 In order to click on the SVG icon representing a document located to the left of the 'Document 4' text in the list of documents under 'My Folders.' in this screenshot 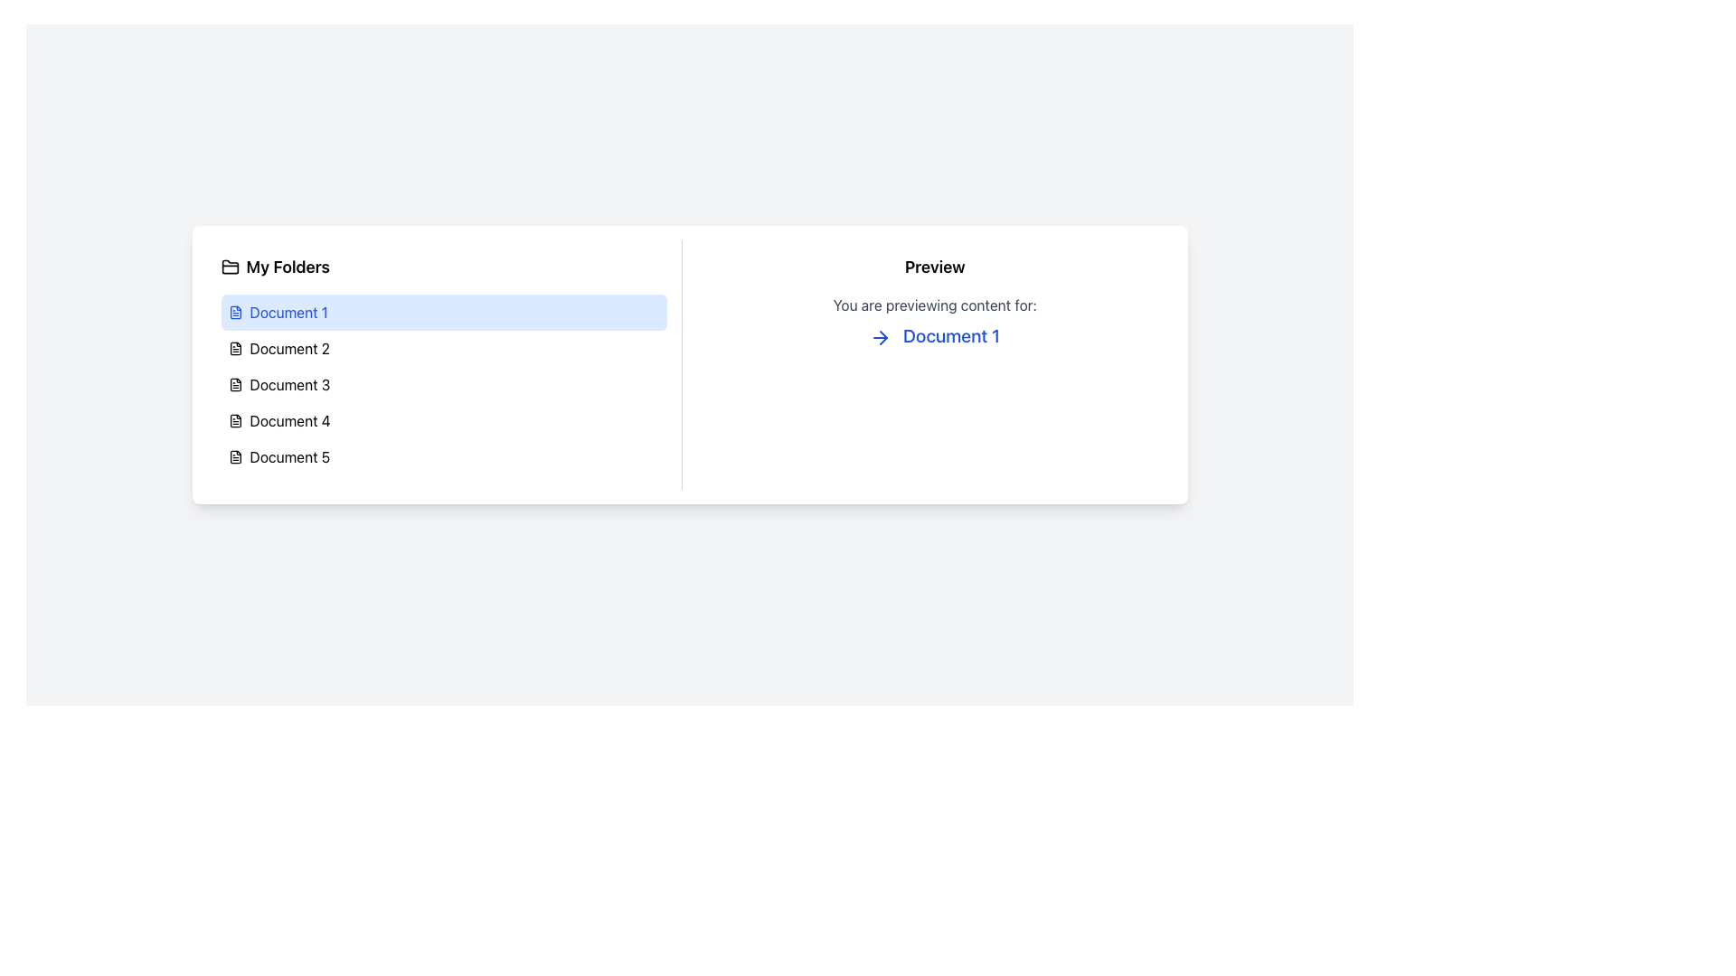, I will do `click(234, 421)`.